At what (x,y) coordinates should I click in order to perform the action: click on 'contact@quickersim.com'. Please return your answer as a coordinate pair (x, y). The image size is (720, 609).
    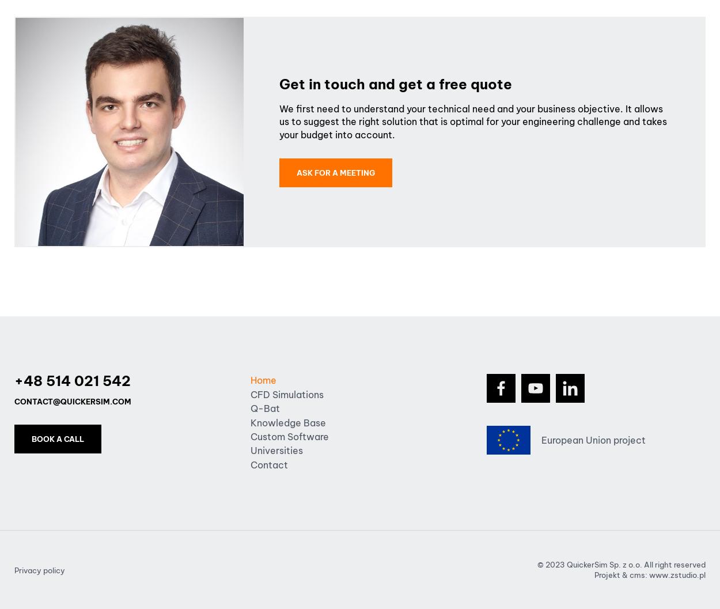
    Looking at the image, I should click on (73, 400).